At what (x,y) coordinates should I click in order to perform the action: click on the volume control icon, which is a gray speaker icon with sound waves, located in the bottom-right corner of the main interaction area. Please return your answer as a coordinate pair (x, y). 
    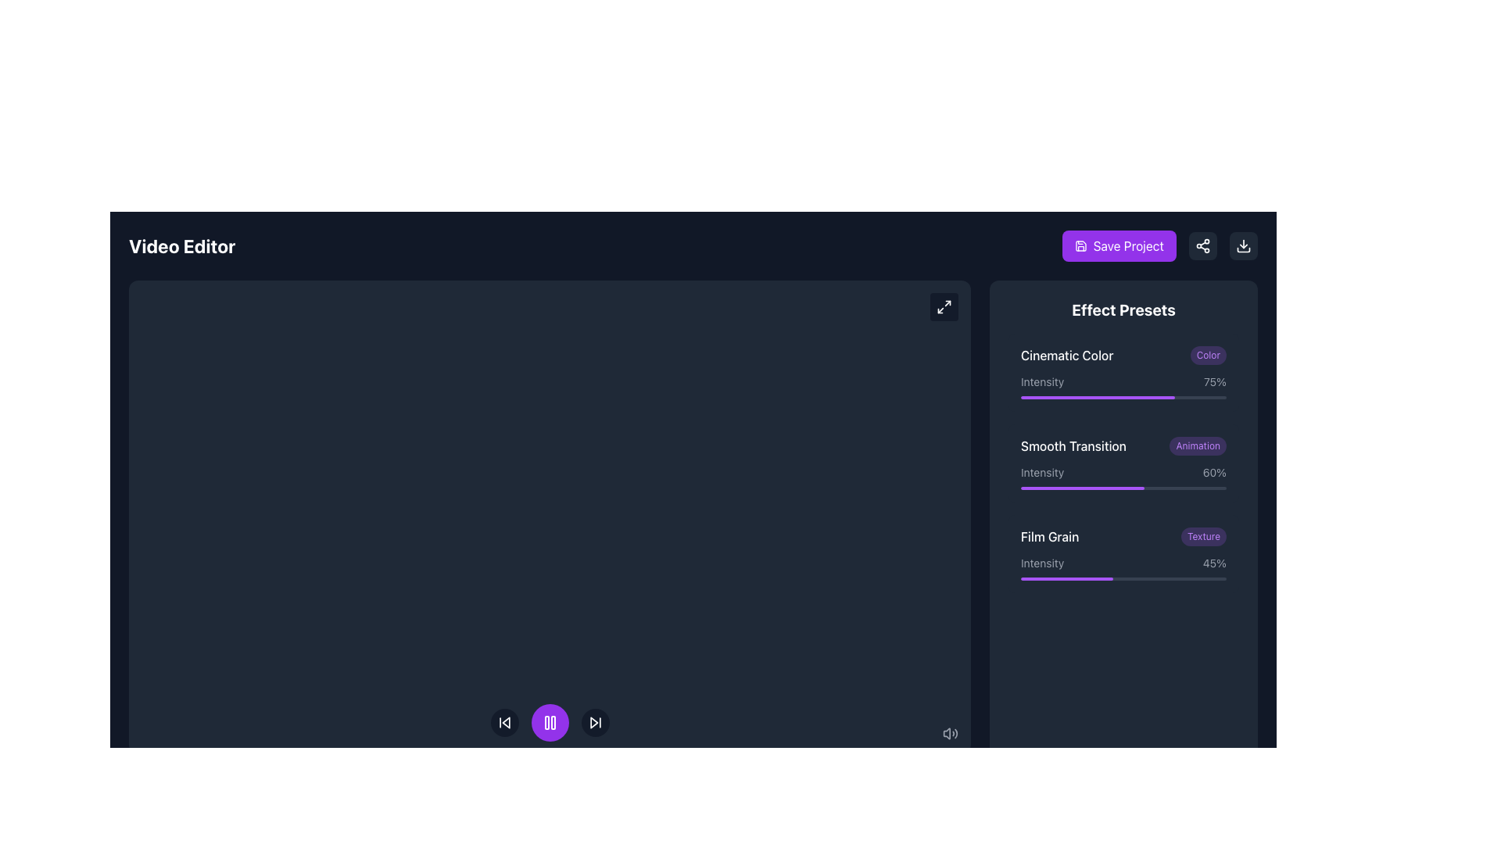
    Looking at the image, I should click on (949, 732).